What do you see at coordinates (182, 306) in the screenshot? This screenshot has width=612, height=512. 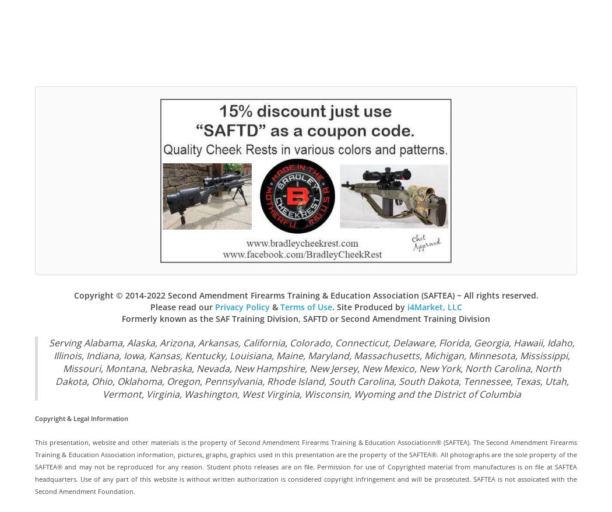 I see `'Please read our'` at bounding box center [182, 306].